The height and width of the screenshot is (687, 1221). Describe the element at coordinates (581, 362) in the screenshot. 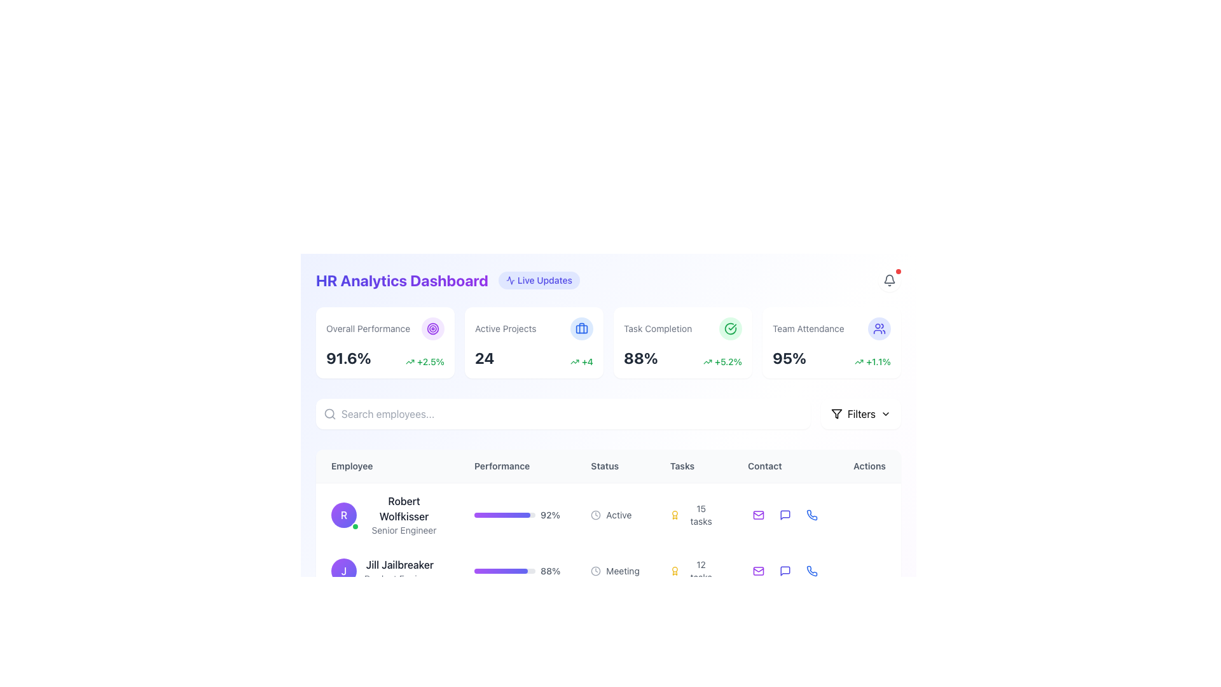

I see `the displayed information of the numeric indication showing a positive change in the 'Active Projects' card, which is positioned to the right of the number '24' and aligned with the upward green arrow icon` at that location.